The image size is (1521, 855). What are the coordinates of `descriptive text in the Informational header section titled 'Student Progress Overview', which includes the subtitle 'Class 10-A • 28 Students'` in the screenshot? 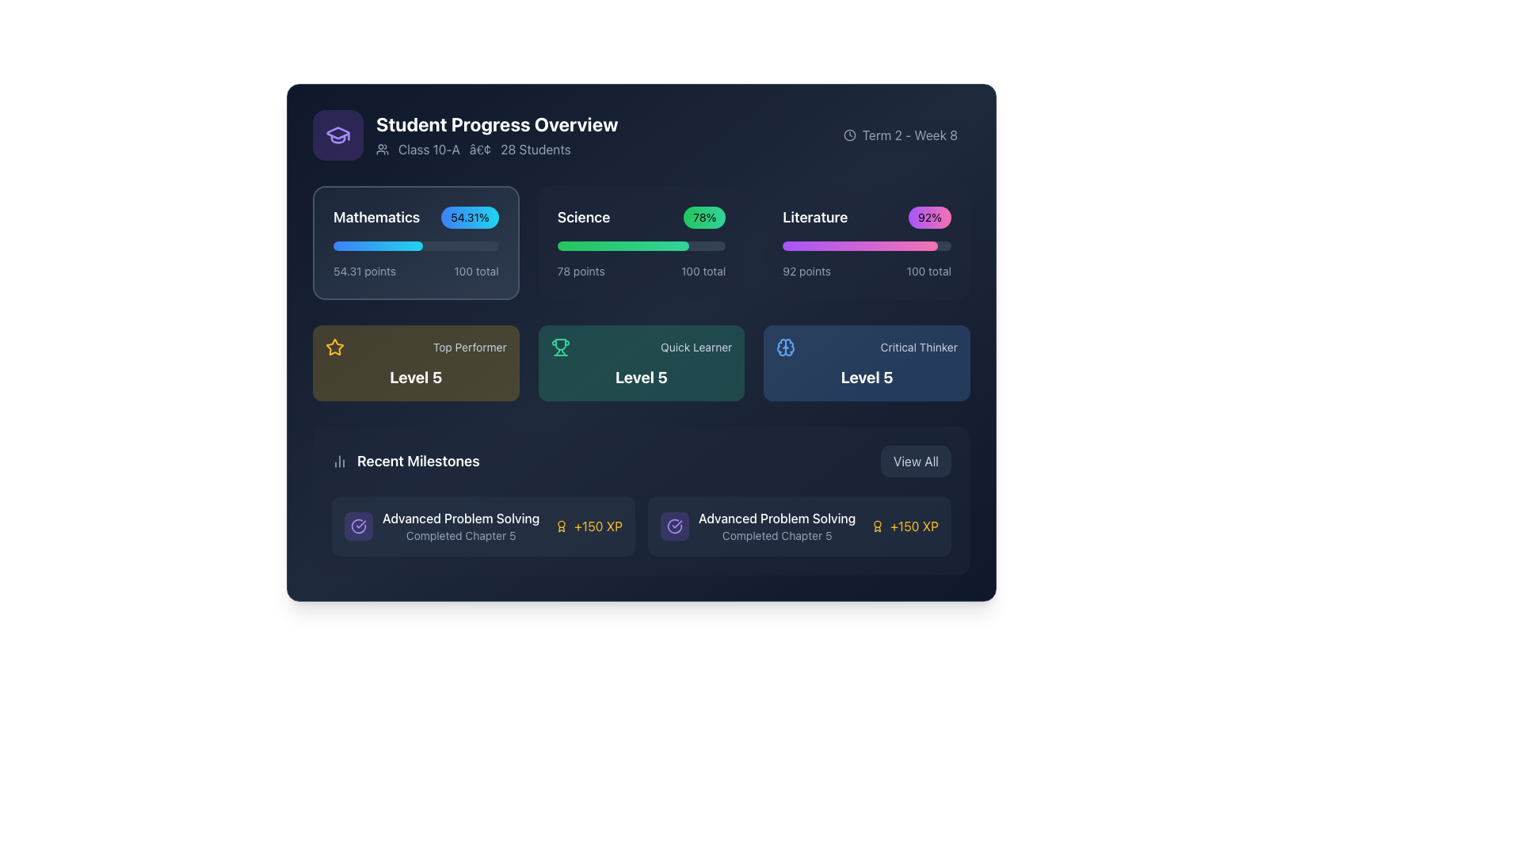 It's located at (464, 134).